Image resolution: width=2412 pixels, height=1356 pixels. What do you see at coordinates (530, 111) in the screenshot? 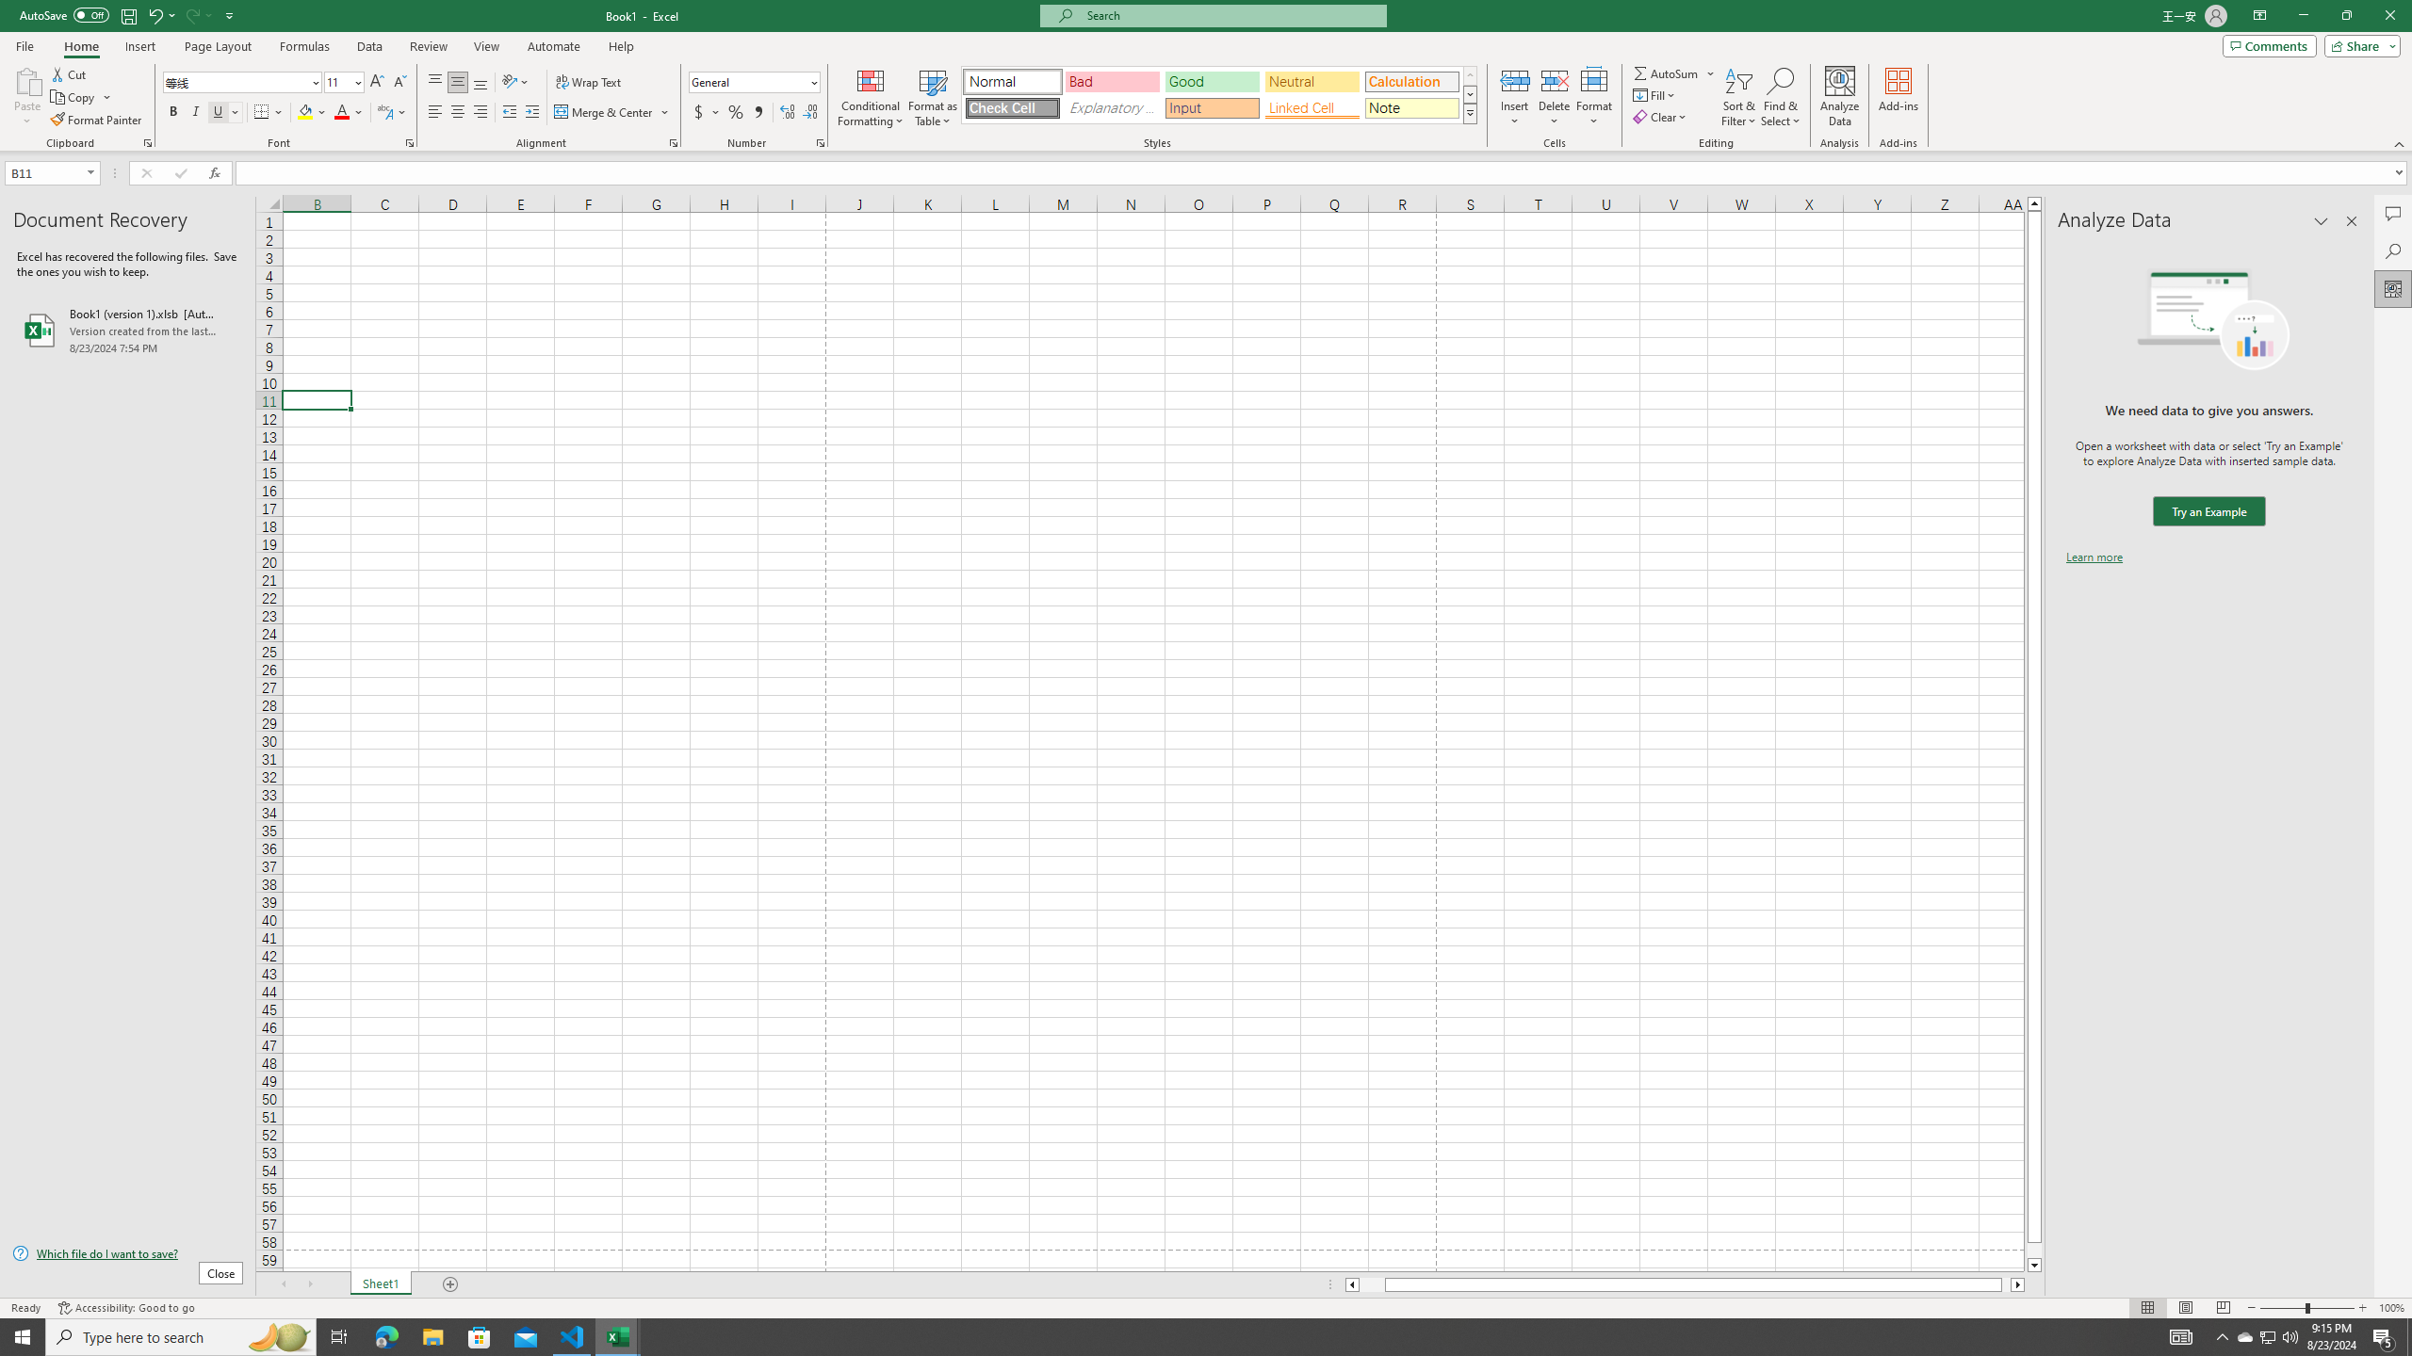
I see `'Increase Indent'` at bounding box center [530, 111].